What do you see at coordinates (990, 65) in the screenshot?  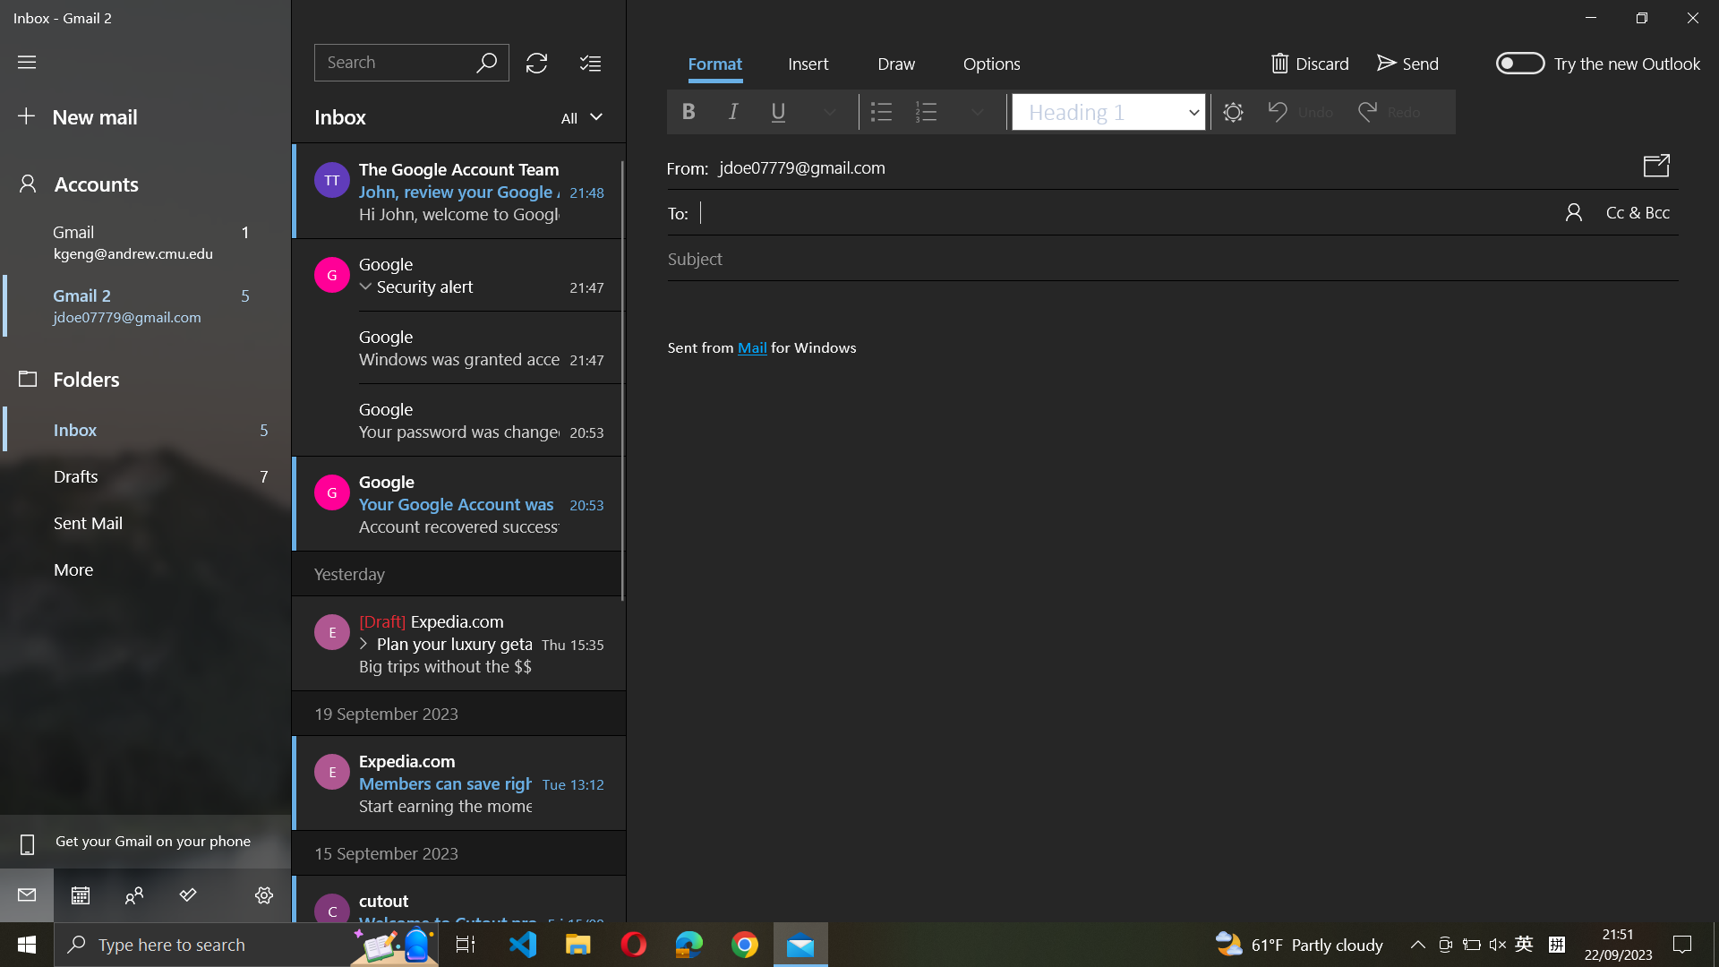 I see `Search options for "Mark as Spam` at bounding box center [990, 65].